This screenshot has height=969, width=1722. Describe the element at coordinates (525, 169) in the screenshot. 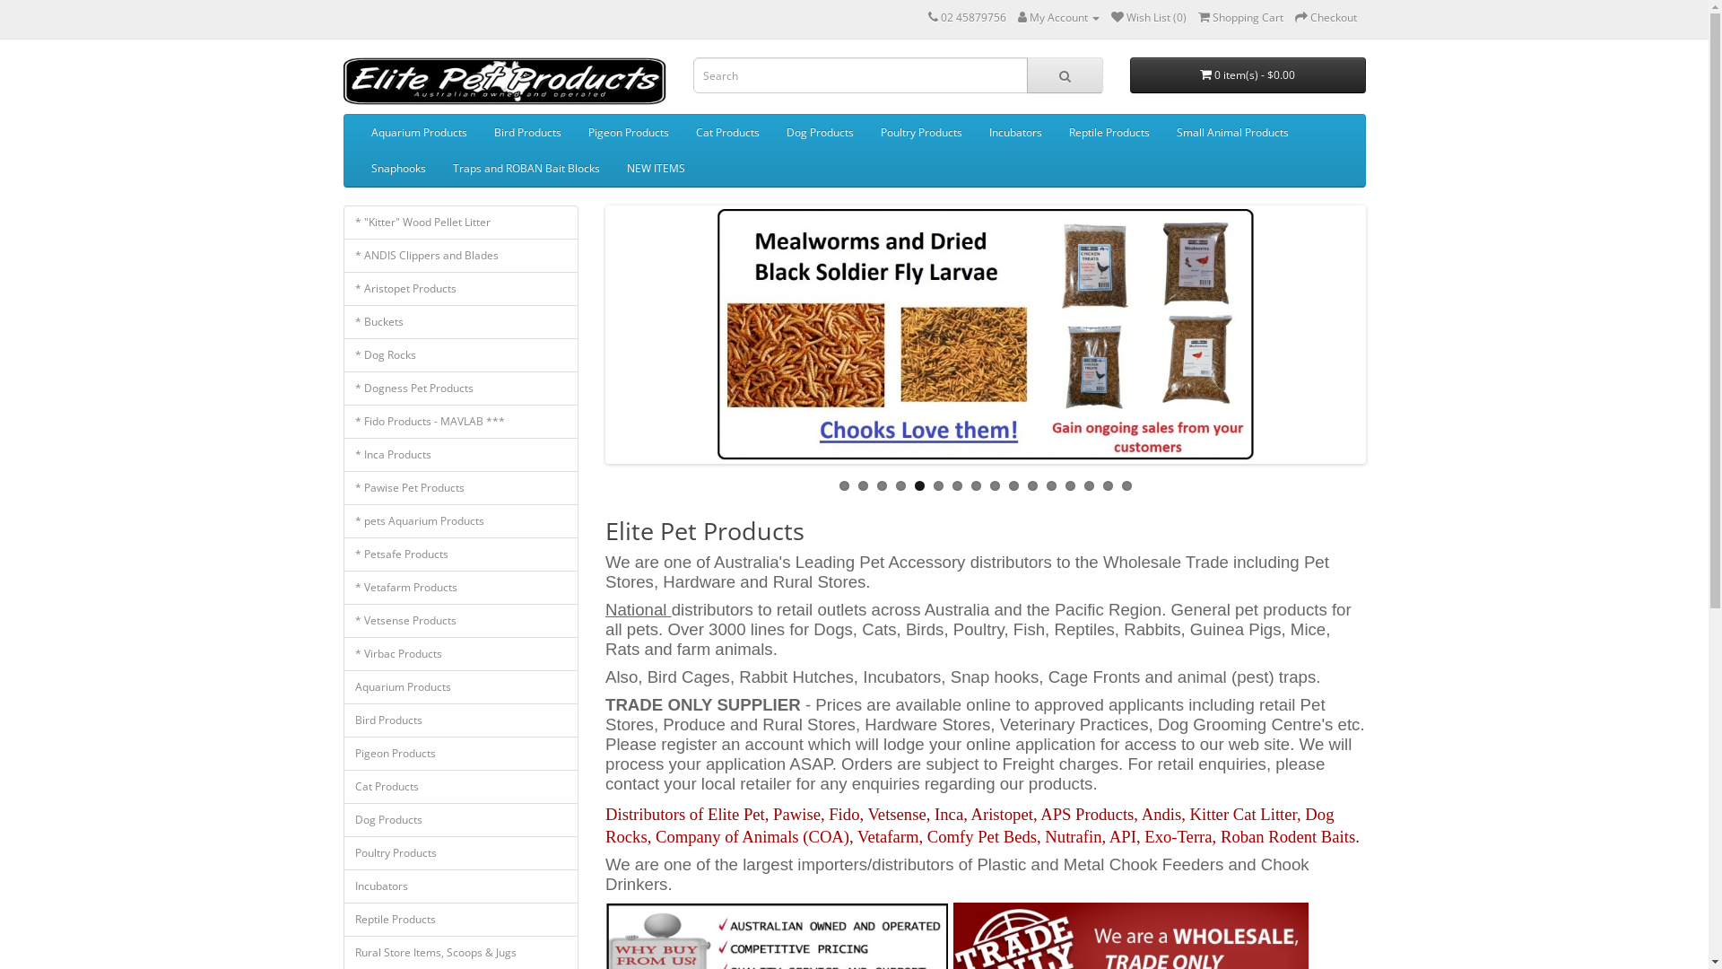

I see `'Traps and ROBAN Bait Blocks'` at that location.